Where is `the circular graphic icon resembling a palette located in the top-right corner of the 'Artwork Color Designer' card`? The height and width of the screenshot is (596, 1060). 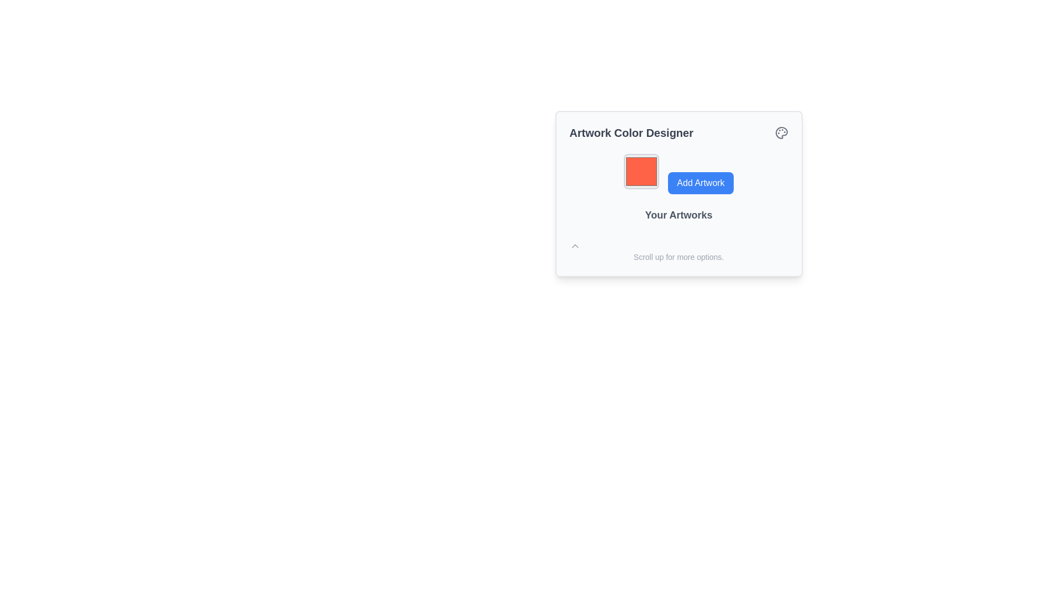 the circular graphic icon resembling a palette located in the top-right corner of the 'Artwork Color Designer' card is located at coordinates (781, 132).